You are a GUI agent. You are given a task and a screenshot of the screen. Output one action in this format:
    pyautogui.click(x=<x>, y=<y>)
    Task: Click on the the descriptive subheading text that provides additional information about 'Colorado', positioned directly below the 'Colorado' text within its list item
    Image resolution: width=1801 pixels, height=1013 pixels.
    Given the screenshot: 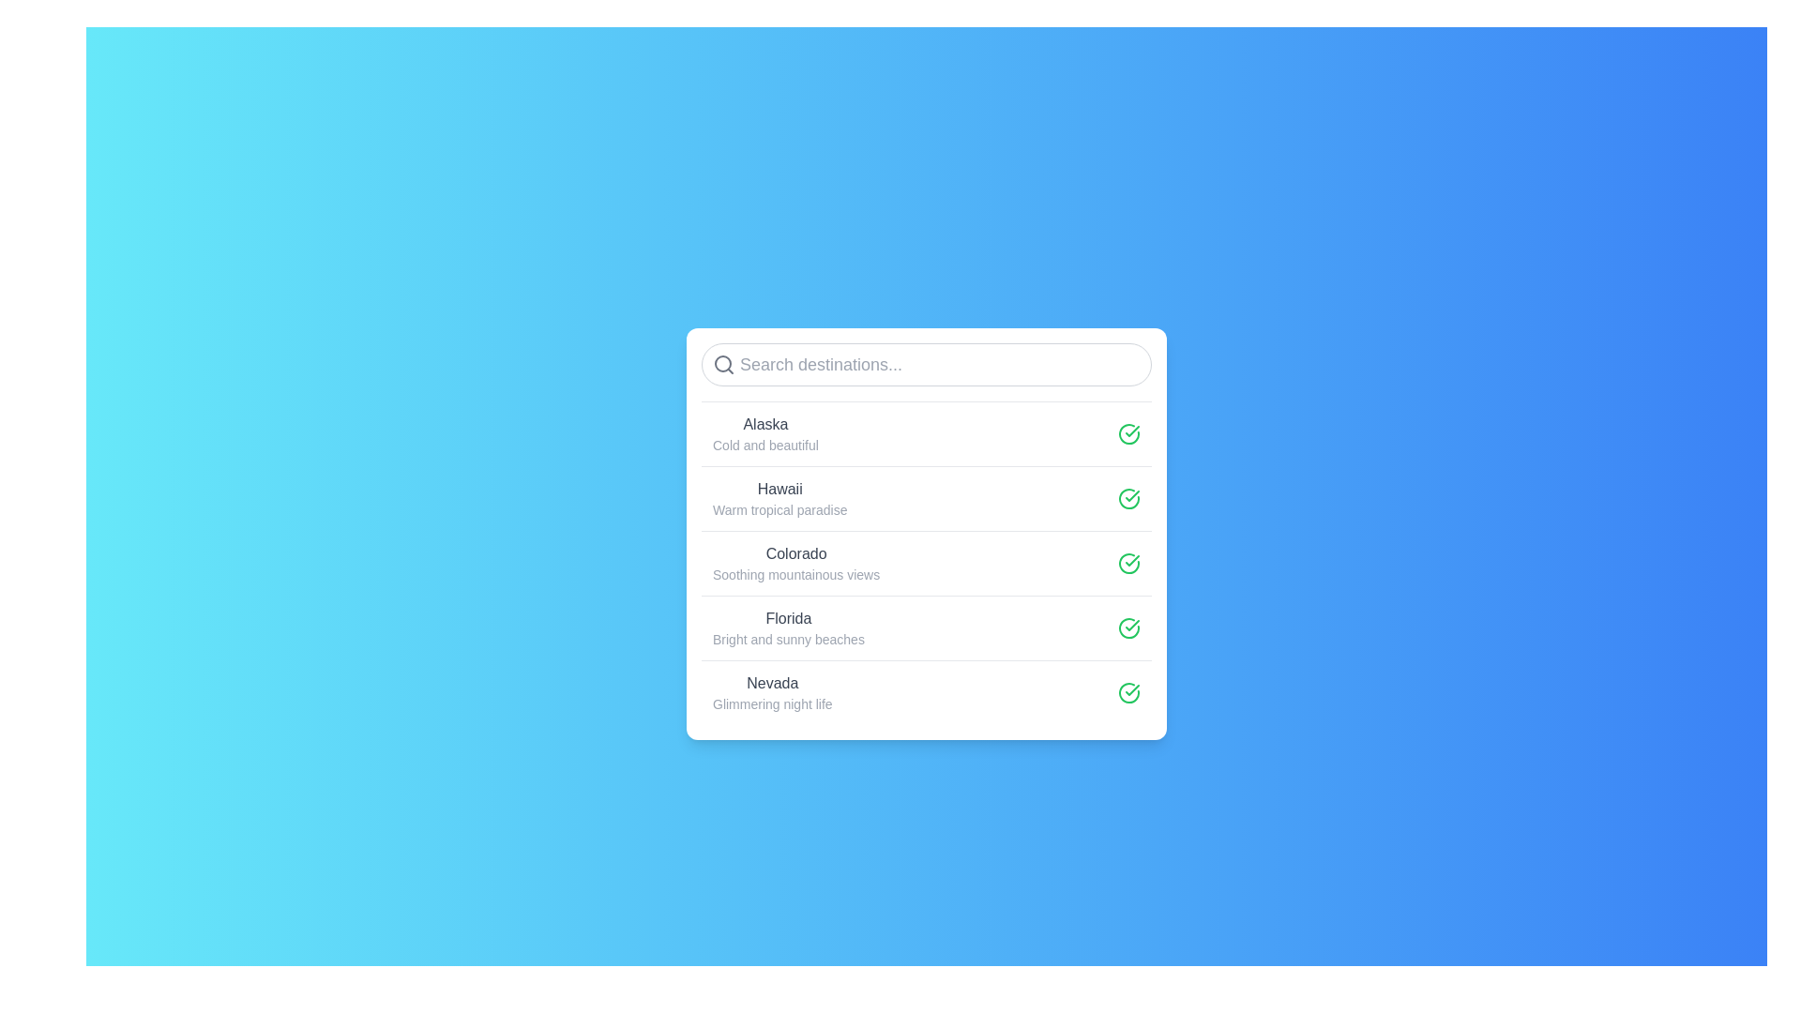 What is the action you would take?
    pyautogui.click(x=796, y=573)
    